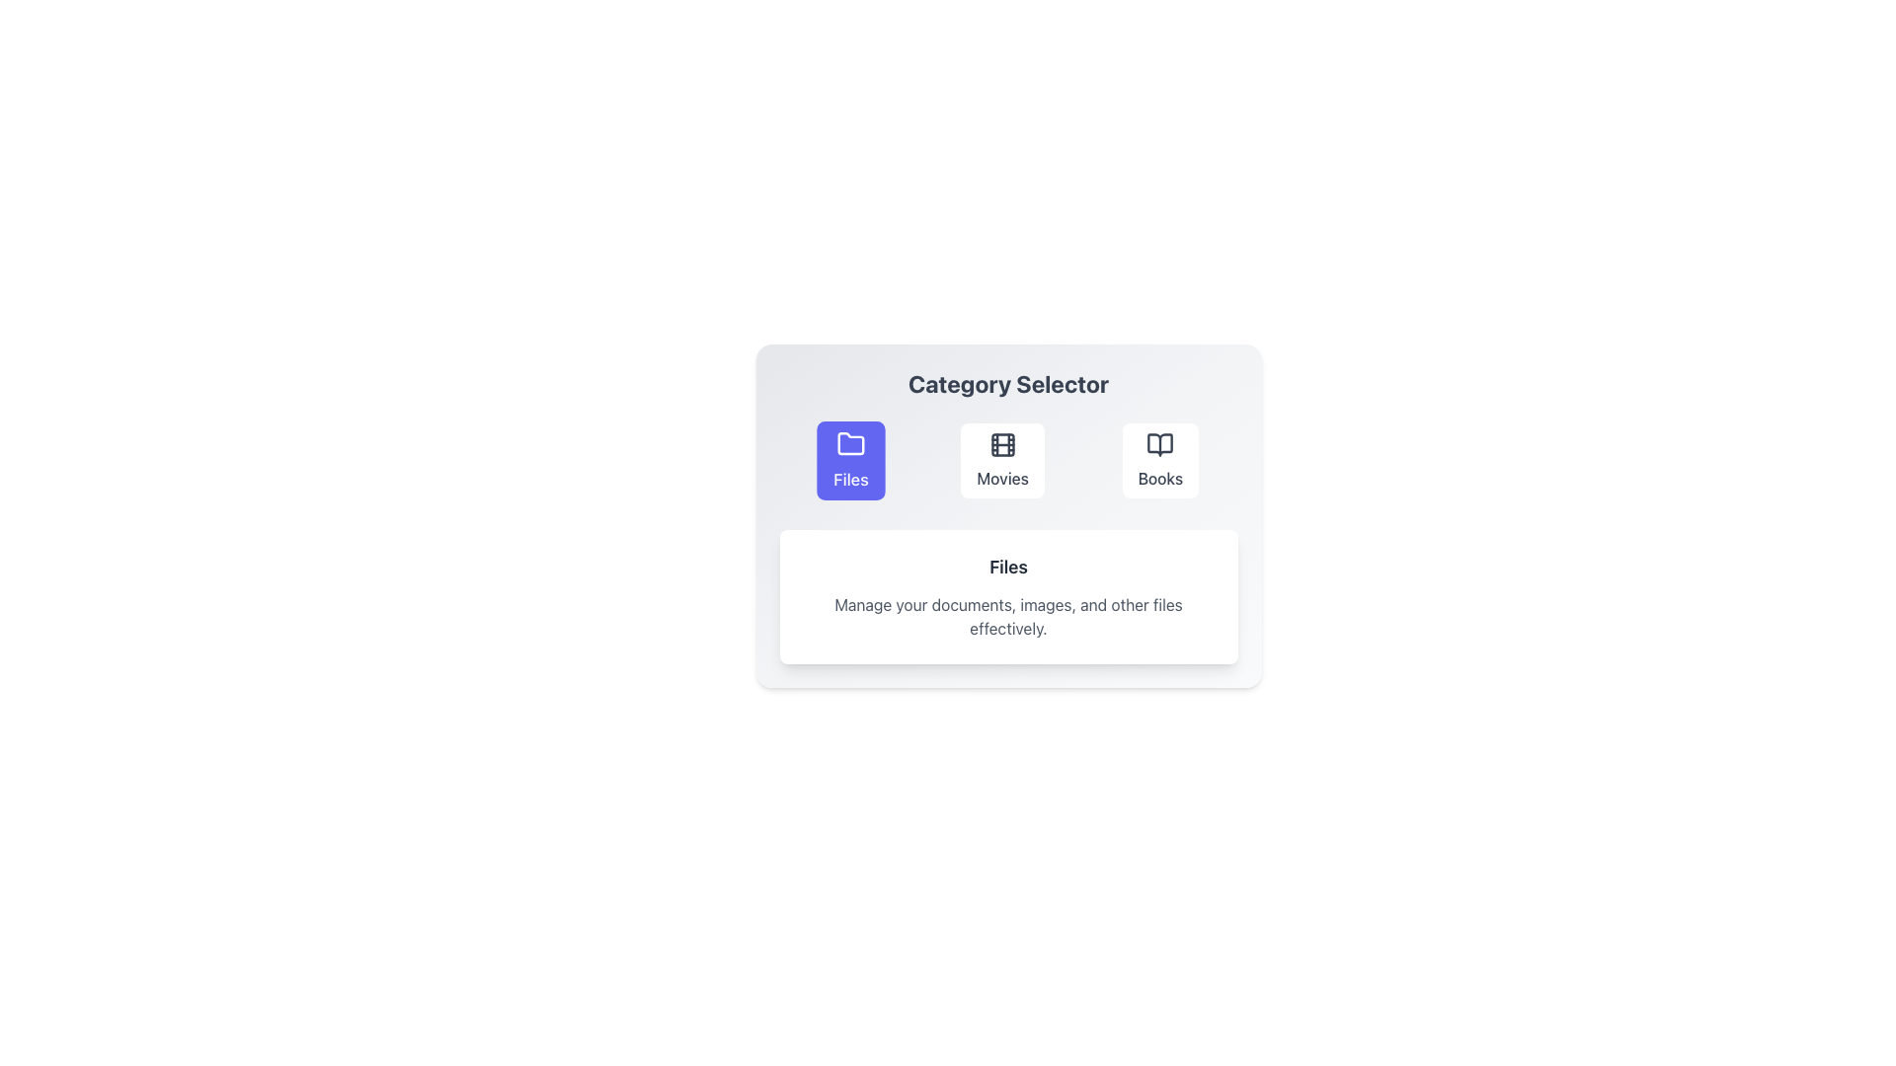 This screenshot has height=1066, width=1896. Describe the element at coordinates (850, 460) in the screenshot. I see `the 'Files' button, which is styled with a folder-shaped icon and bold white text on an indigo background` at that location.